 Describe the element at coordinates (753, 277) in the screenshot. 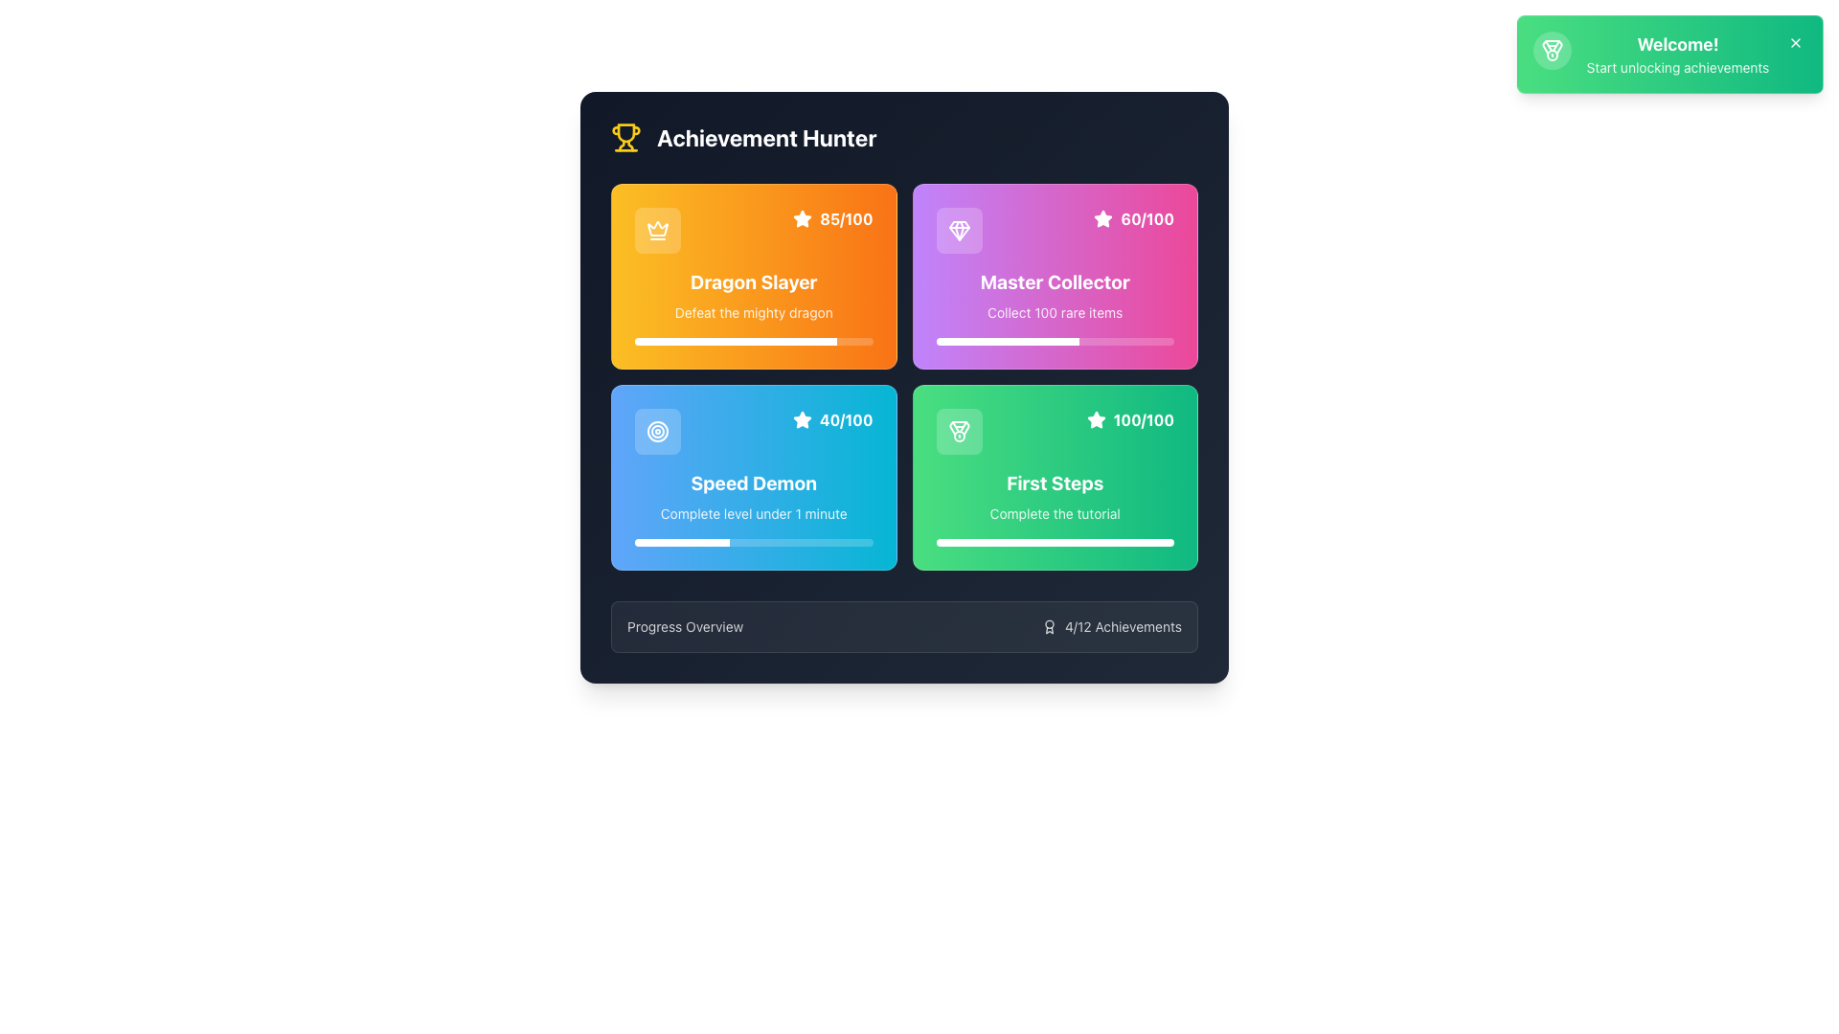

I see `the transparent overlay of the 'Dragon Slayer' achievement card` at that location.